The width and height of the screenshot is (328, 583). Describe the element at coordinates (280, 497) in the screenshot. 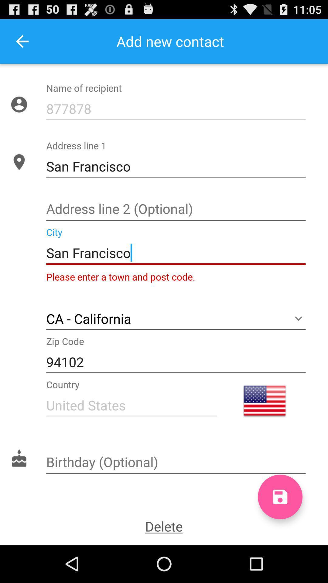

I see `to hard drive` at that location.